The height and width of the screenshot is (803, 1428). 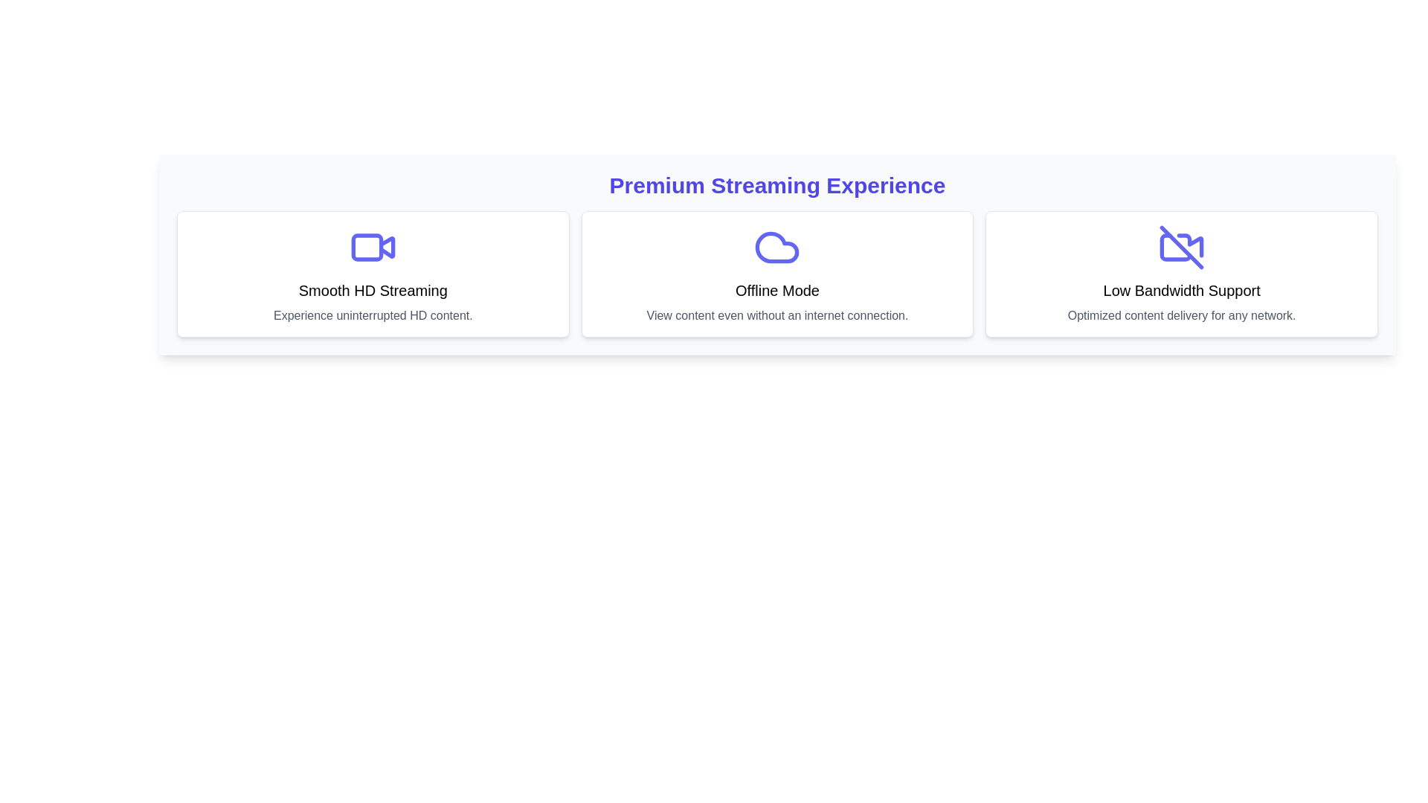 I want to click on the static text element that serves as a title for the 'Premium Streaming Experience' feature, located within a white card under a video icon, so click(x=373, y=290).